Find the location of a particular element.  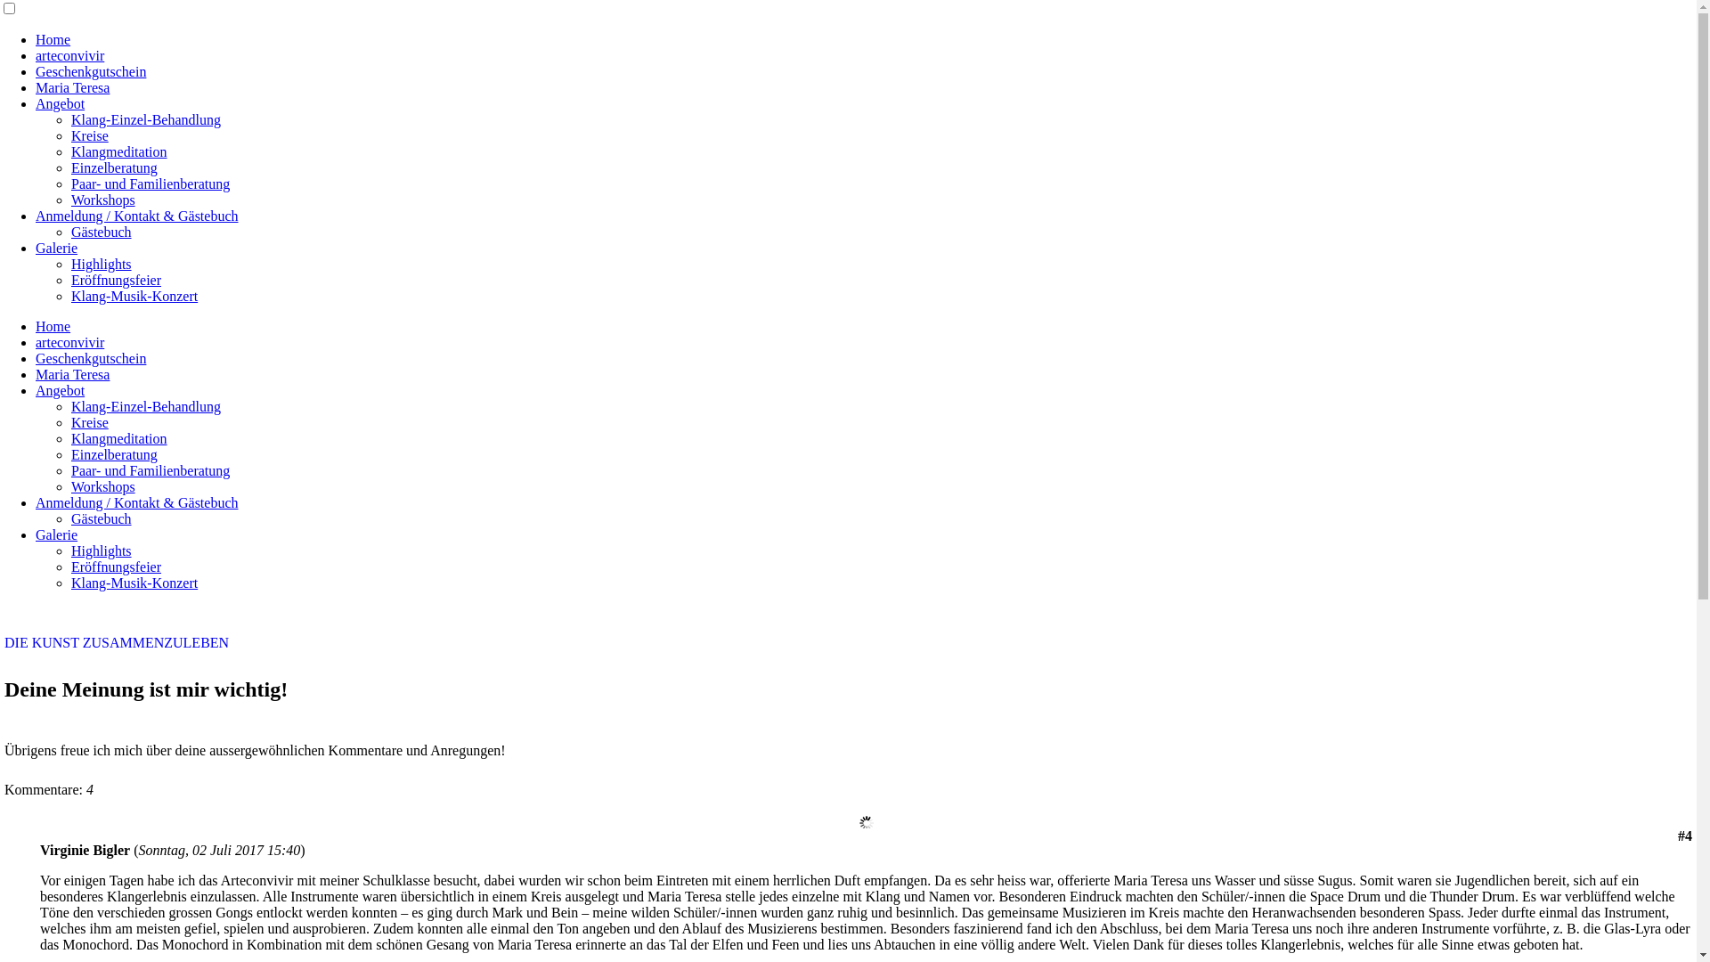

'Galerie' is located at coordinates (35, 534).